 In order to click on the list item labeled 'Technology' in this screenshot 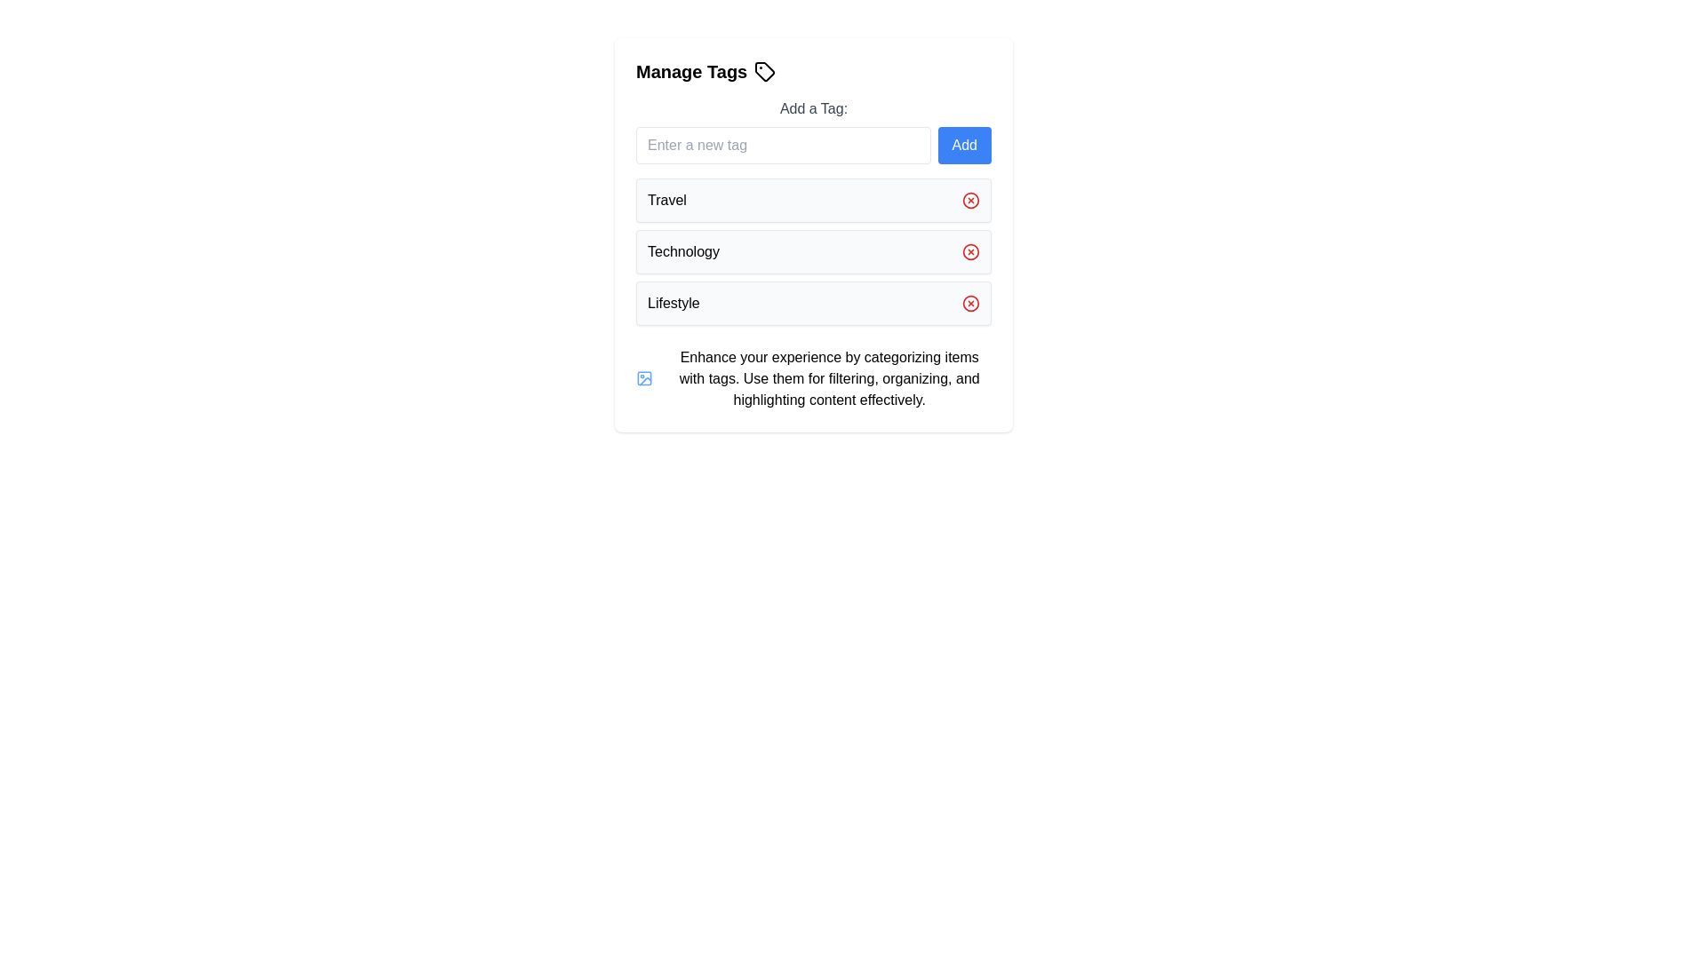, I will do `click(813, 252)`.